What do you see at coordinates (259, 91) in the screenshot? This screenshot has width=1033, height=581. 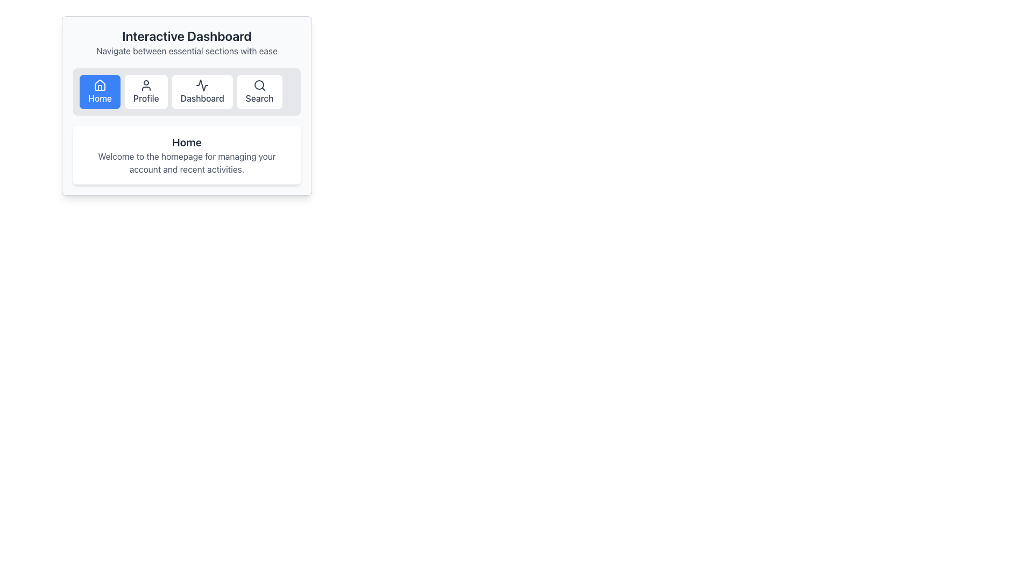 I see `the 'Search' button, which is a rectangular button with rounded corners, a white background, and a magnifying glass icon, to initiate a search` at bounding box center [259, 91].